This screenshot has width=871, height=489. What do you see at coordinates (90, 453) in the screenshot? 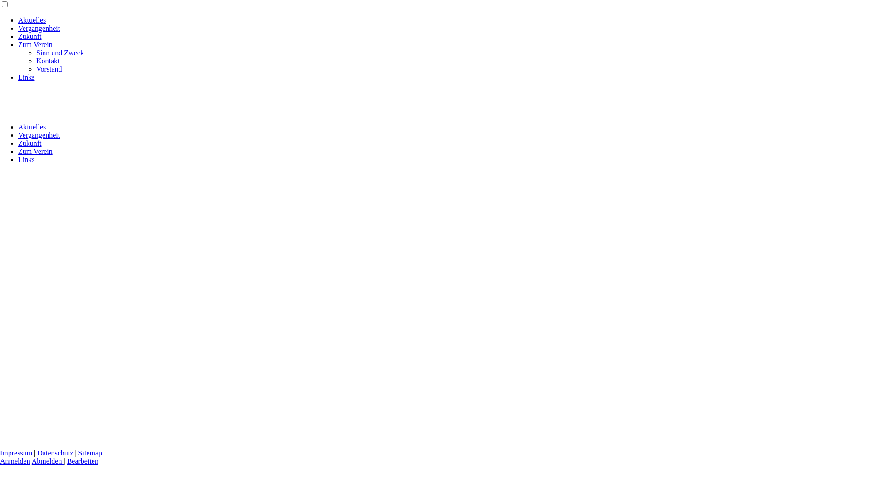
I see `'Sitemap'` at bounding box center [90, 453].